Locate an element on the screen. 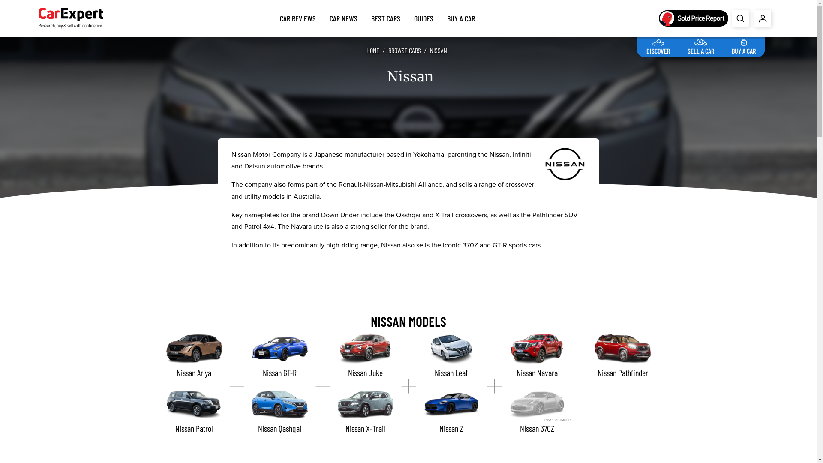 This screenshot has height=463, width=823. 'Nissan Juke' is located at coordinates (365, 356).